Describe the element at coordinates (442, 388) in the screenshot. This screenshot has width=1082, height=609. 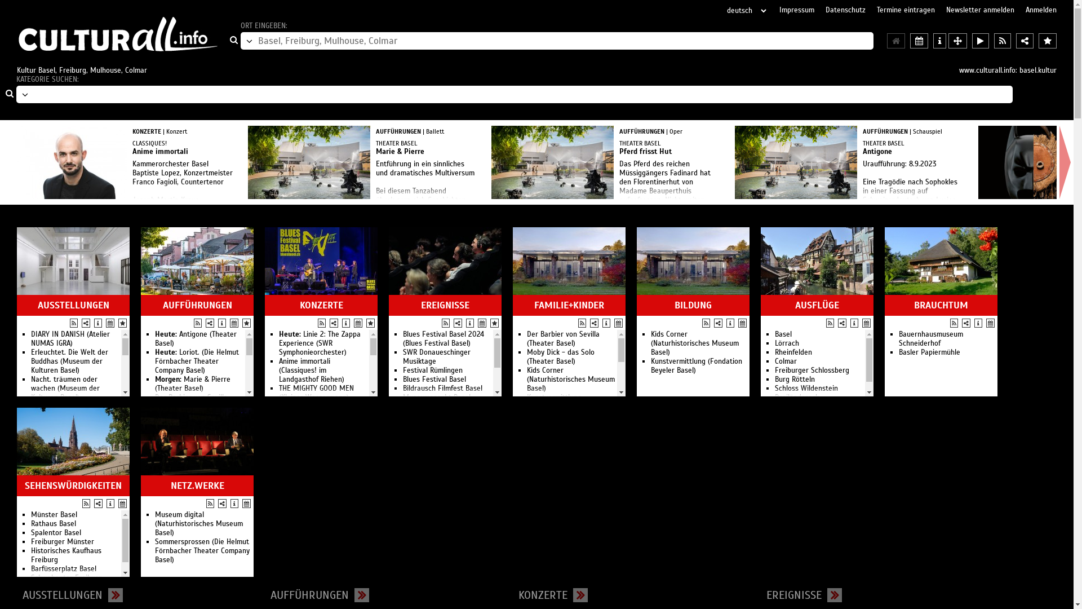
I see `'Bildrausch Filmfest Basel'` at that location.